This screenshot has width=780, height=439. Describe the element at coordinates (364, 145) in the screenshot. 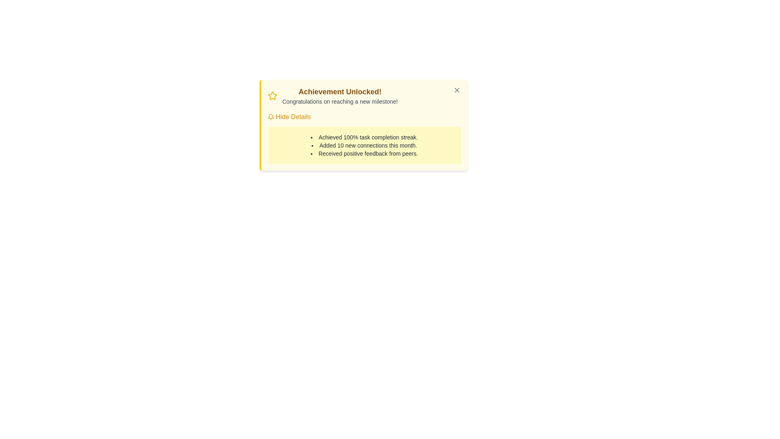

I see `the bulleted list displaying achievements, which is located within a yellow notification box below the title 'Achievement Unlocked!'` at that location.